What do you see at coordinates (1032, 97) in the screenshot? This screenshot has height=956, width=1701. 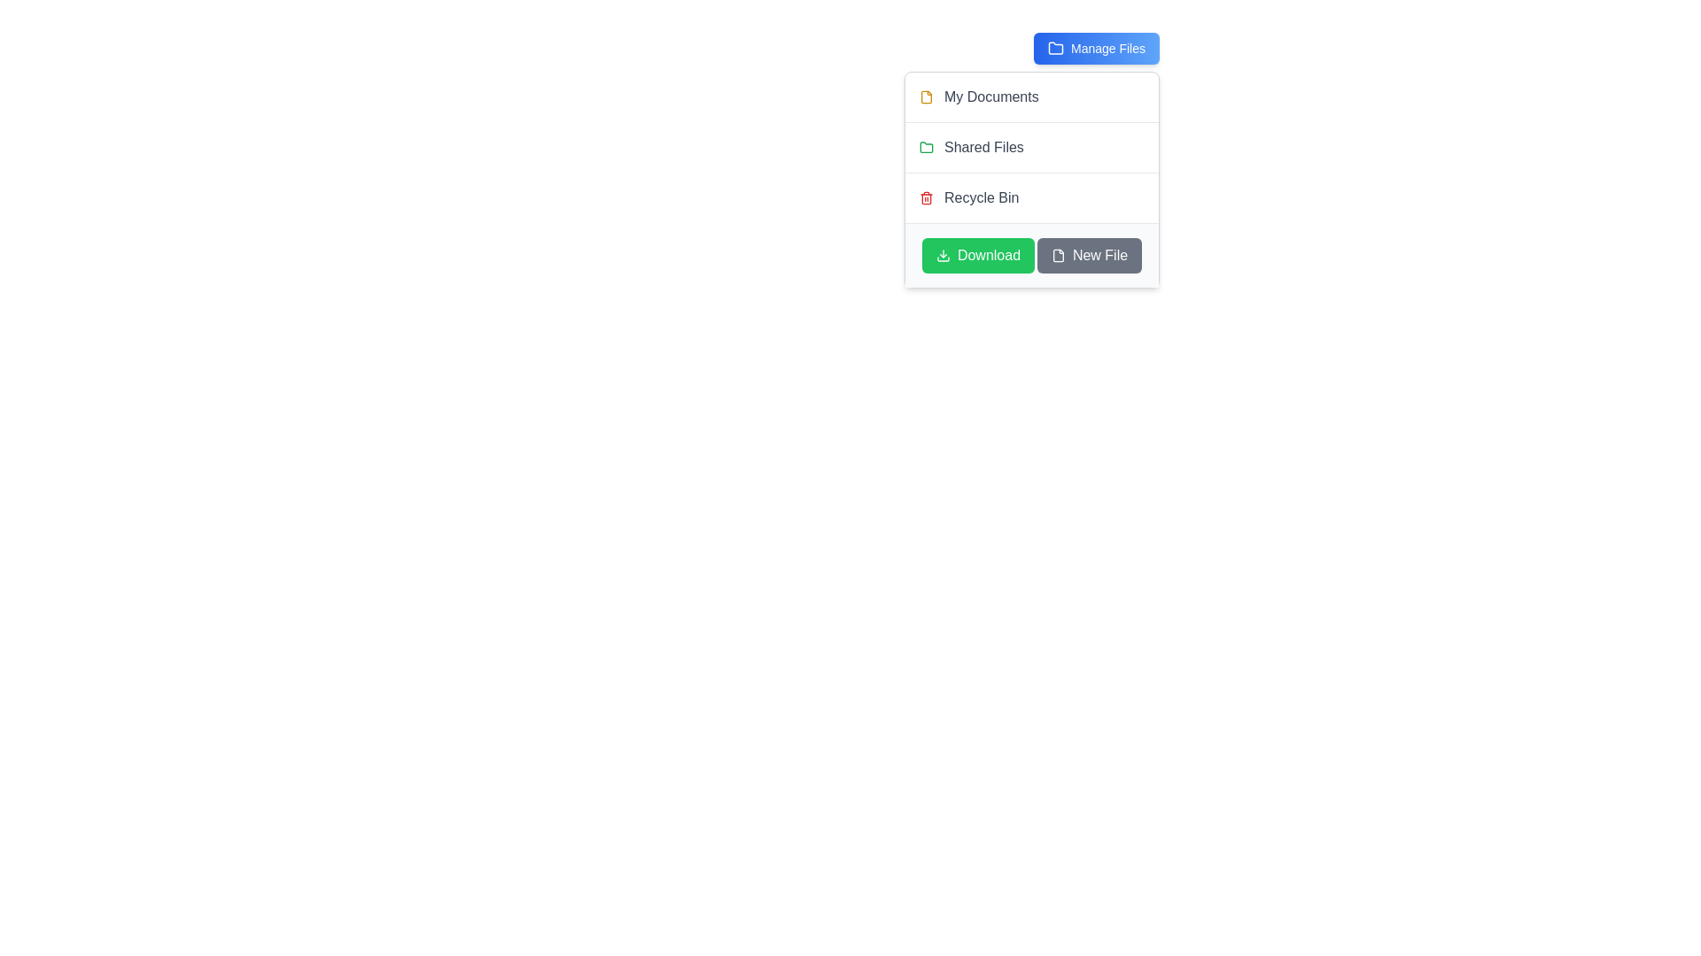 I see `the first list item labeled 'My Documents', which has a yellow file icon to the left` at bounding box center [1032, 97].